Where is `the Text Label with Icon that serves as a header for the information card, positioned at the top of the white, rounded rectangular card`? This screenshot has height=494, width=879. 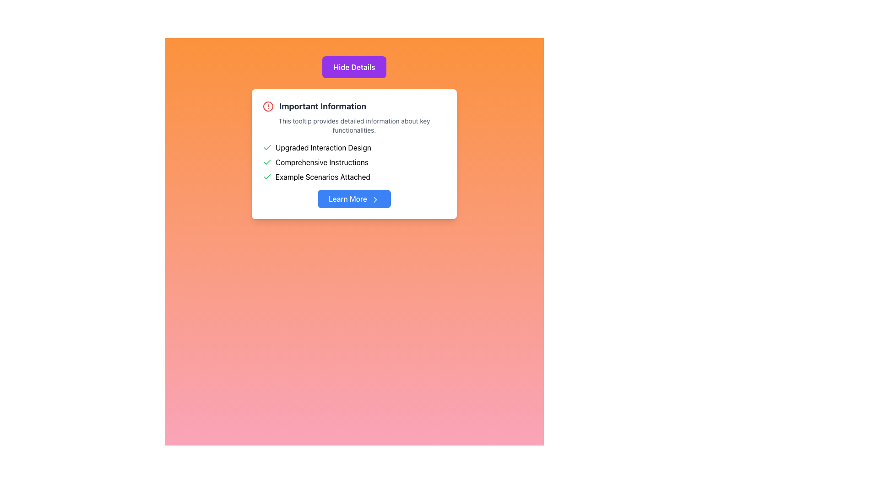
the Text Label with Icon that serves as a header for the information card, positioned at the top of the white, rounded rectangular card is located at coordinates (353, 106).